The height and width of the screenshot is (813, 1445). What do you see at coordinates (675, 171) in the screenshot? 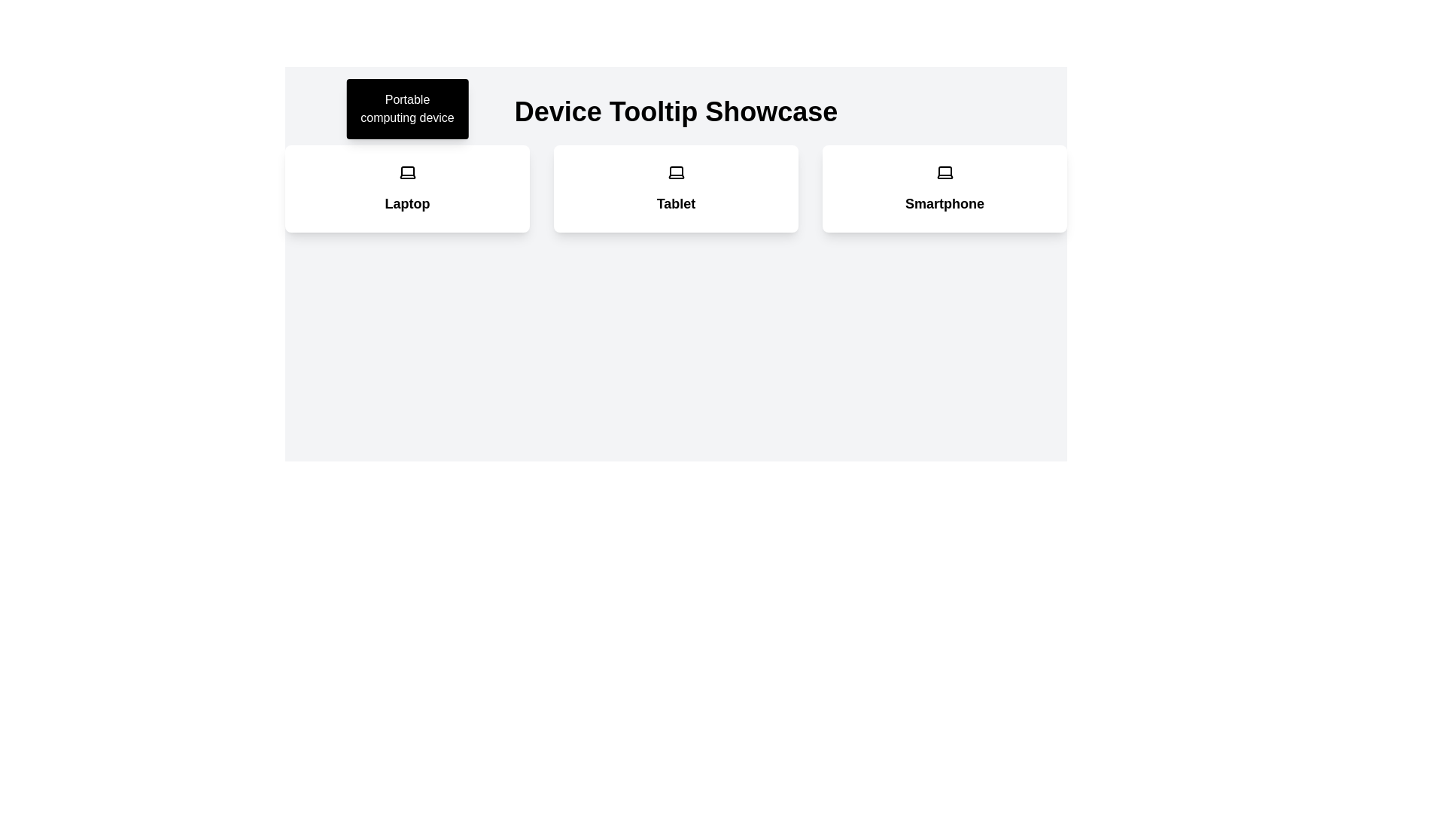
I see `the laptop icon, which is a minimalistic line art styled element located in the central button of a three-button group, positioned above the 'Tablet' label` at bounding box center [675, 171].